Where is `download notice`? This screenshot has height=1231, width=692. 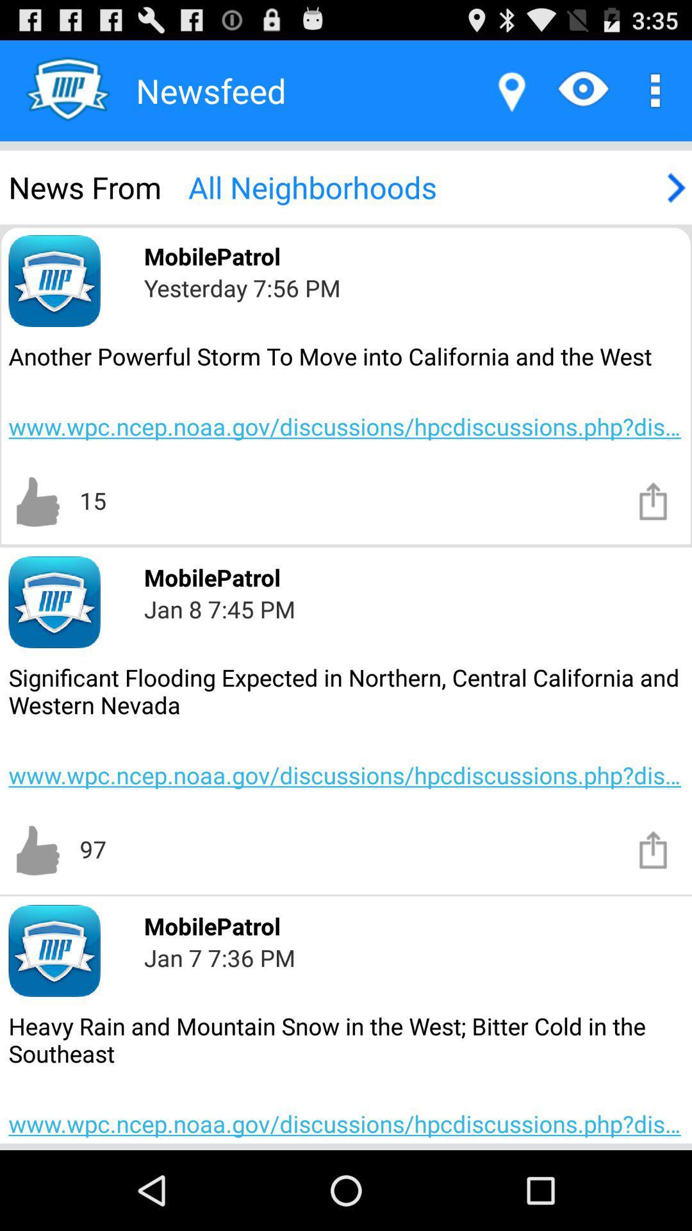
download notice is located at coordinates (654, 849).